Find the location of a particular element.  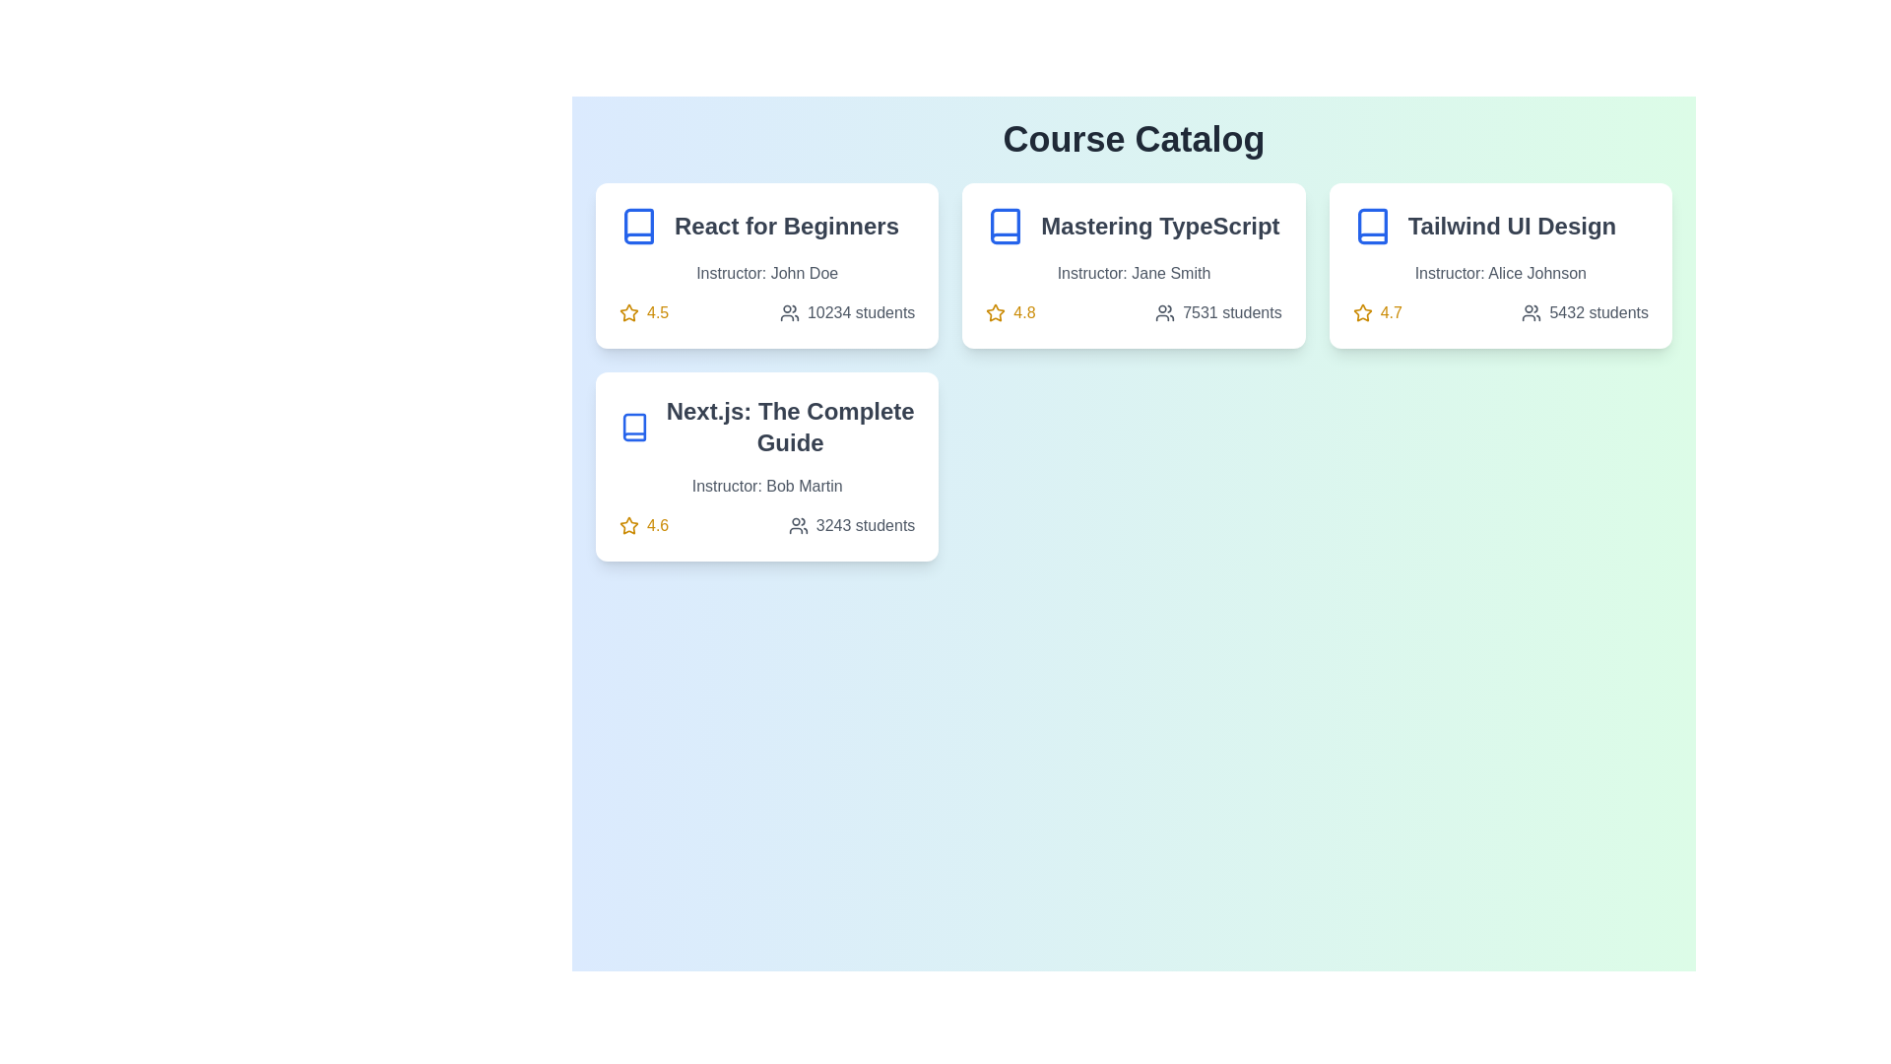

the 'Tailwind UI Design' text label which is styled with bold typography and aligned horizontally with a blue book icon on its left is located at coordinates (1499, 226).